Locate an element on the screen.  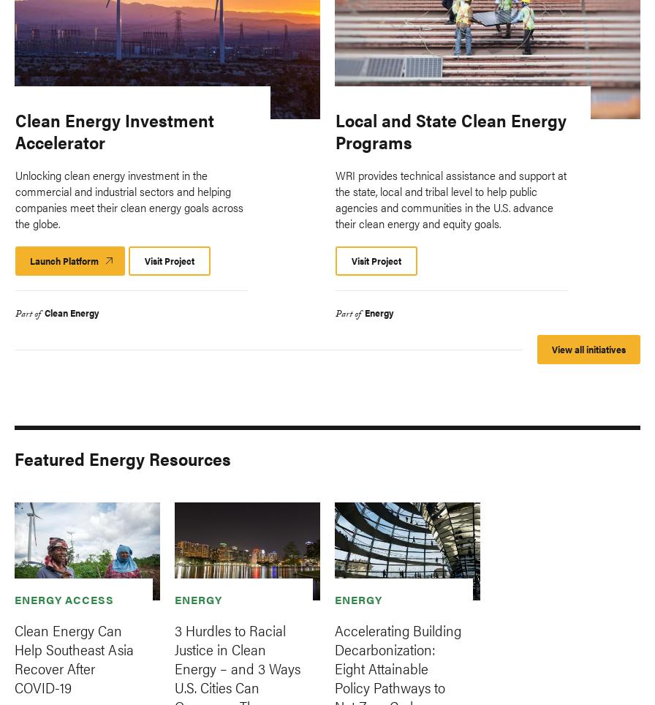
'Unlocking clean energy investment in the commercial and industrial sectors and helping companies meet their clean energy goals across the globe.' is located at coordinates (15, 198).